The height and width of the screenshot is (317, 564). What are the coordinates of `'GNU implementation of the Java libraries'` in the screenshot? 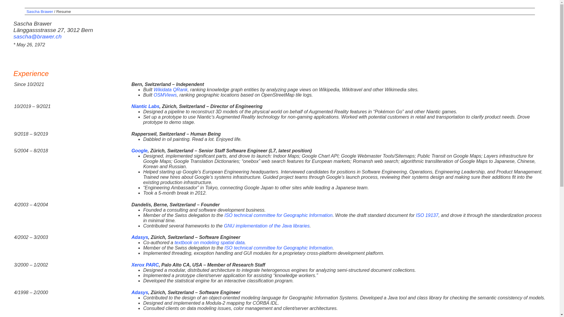 It's located at (266, 225).